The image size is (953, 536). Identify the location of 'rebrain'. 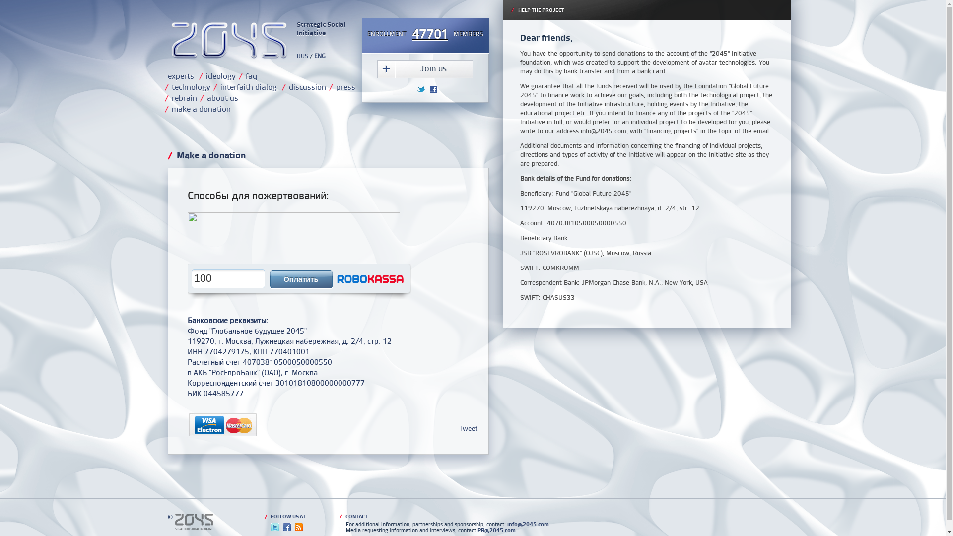
(171, 97).